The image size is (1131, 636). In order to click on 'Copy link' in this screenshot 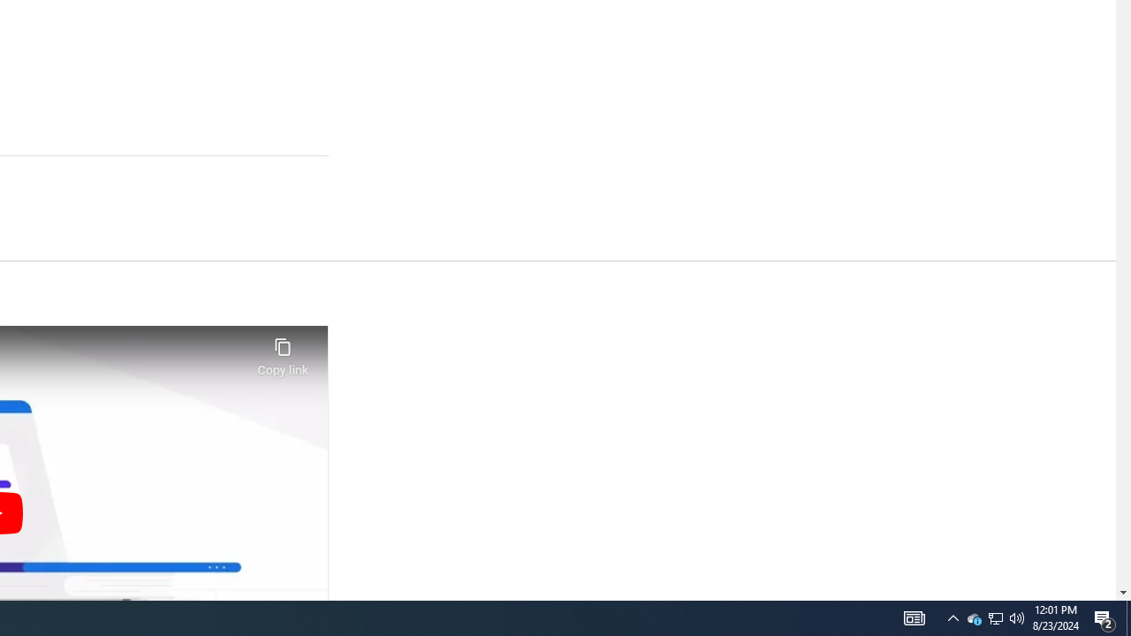, I will do `click(283, 352)`.